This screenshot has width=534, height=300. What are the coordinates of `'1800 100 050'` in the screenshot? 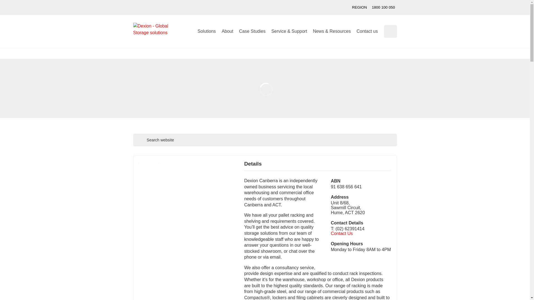 It's located at (369, 7).